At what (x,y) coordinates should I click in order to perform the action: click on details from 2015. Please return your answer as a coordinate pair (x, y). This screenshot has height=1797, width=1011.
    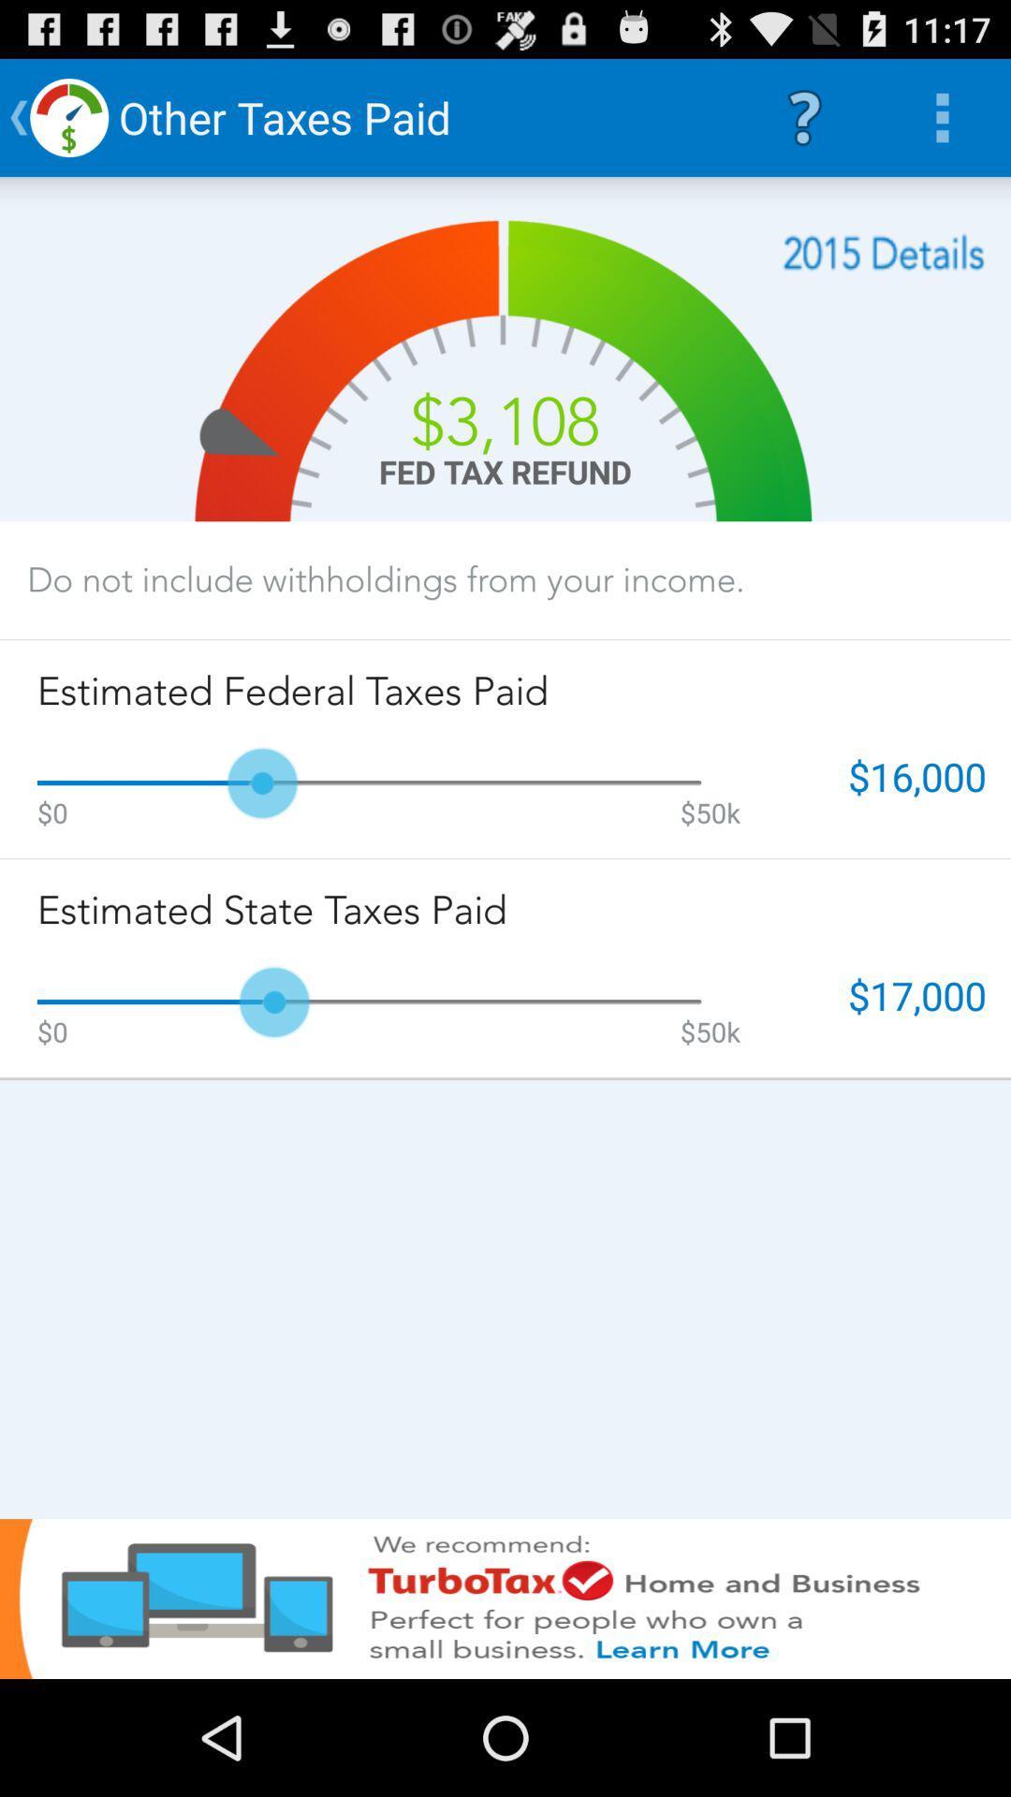
    Looking at the image, I should click on (884, 252).